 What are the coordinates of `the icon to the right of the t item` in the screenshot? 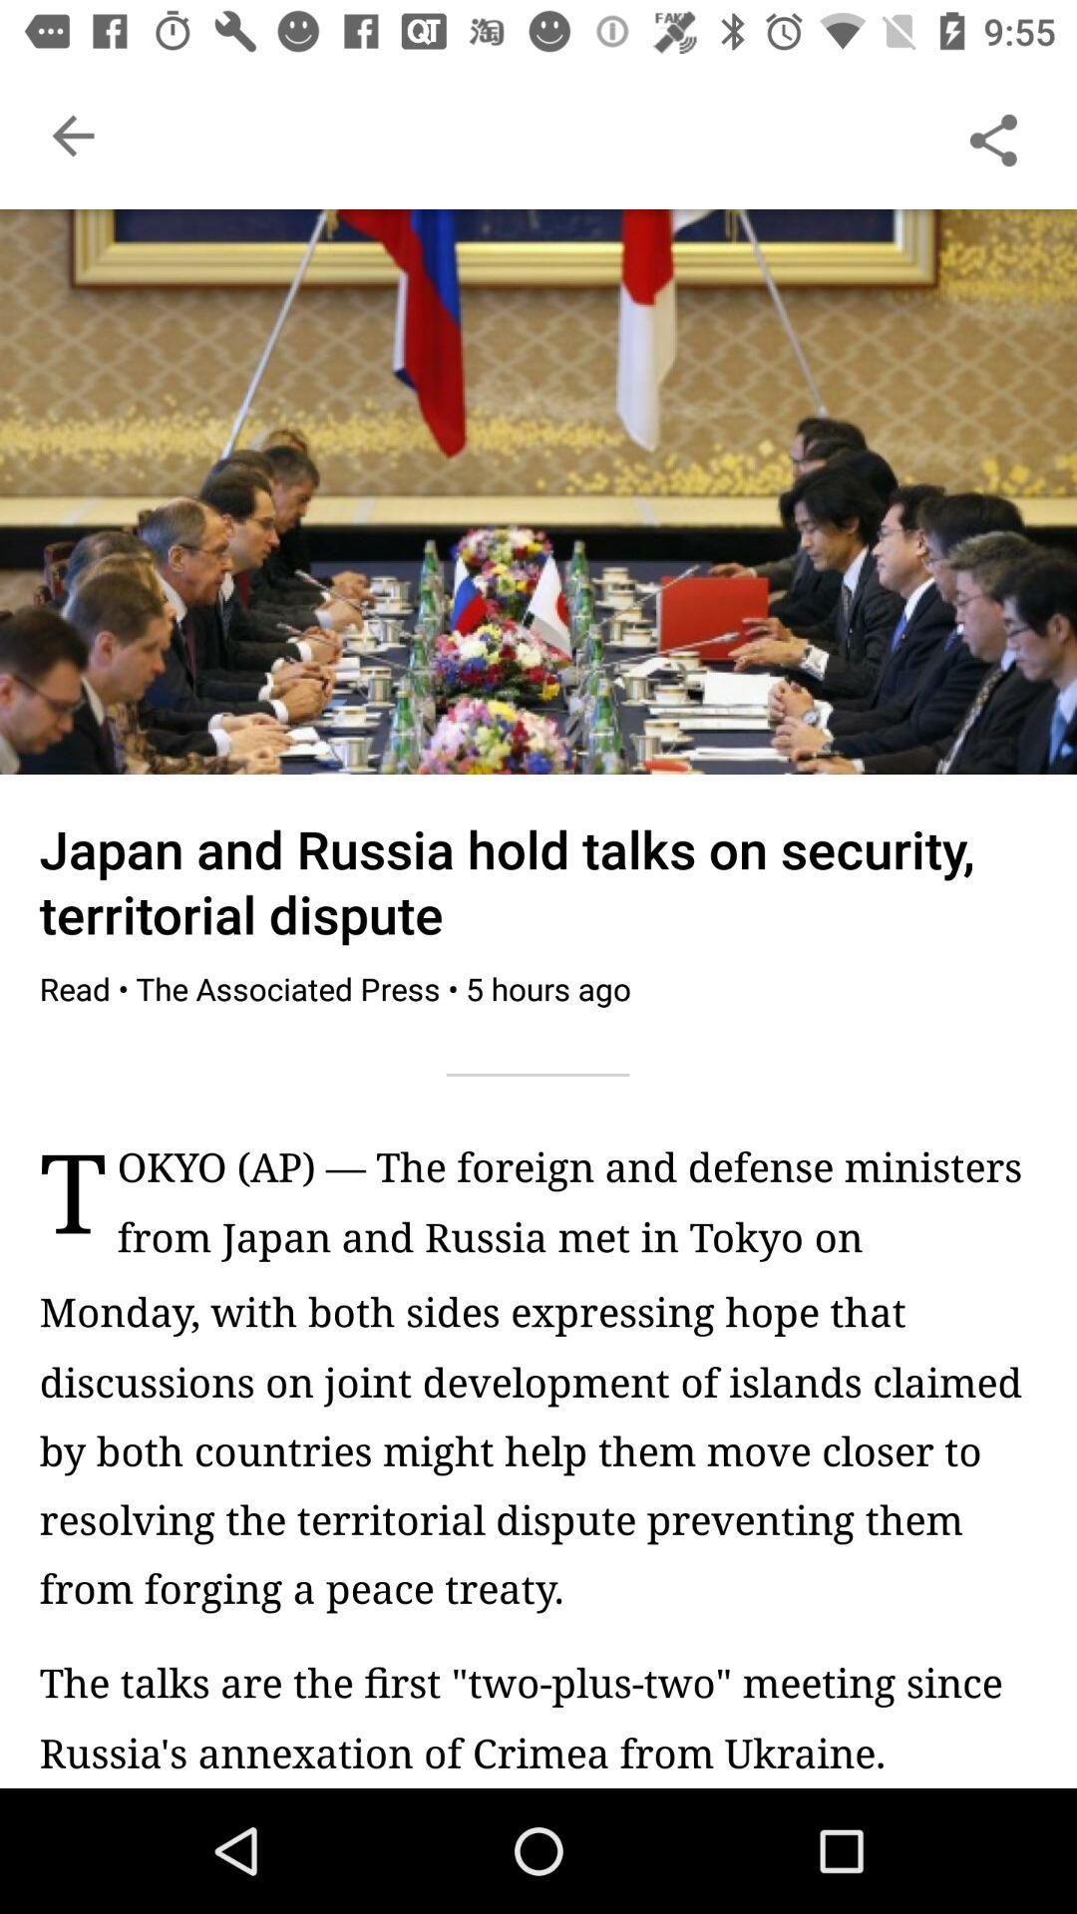 It's located at (576, 1211).